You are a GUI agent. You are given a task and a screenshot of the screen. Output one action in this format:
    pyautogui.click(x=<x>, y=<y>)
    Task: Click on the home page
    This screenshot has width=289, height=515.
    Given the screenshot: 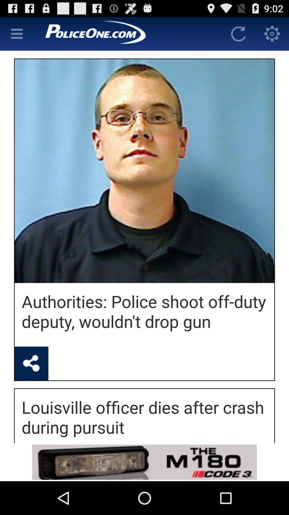 What is the action you would take?
    pyautogui.click(x=128, y=33)
    